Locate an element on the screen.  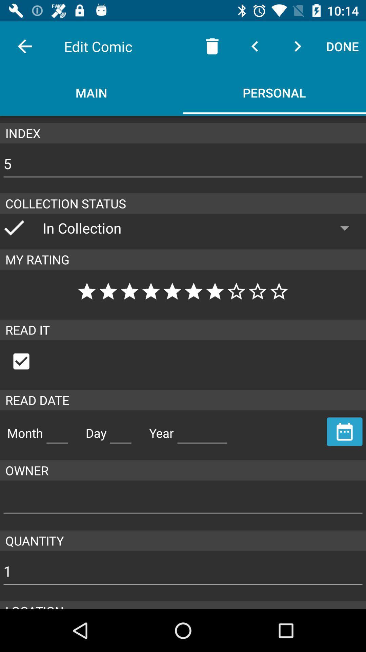
the day of a month is located at coordinates (120, 430).